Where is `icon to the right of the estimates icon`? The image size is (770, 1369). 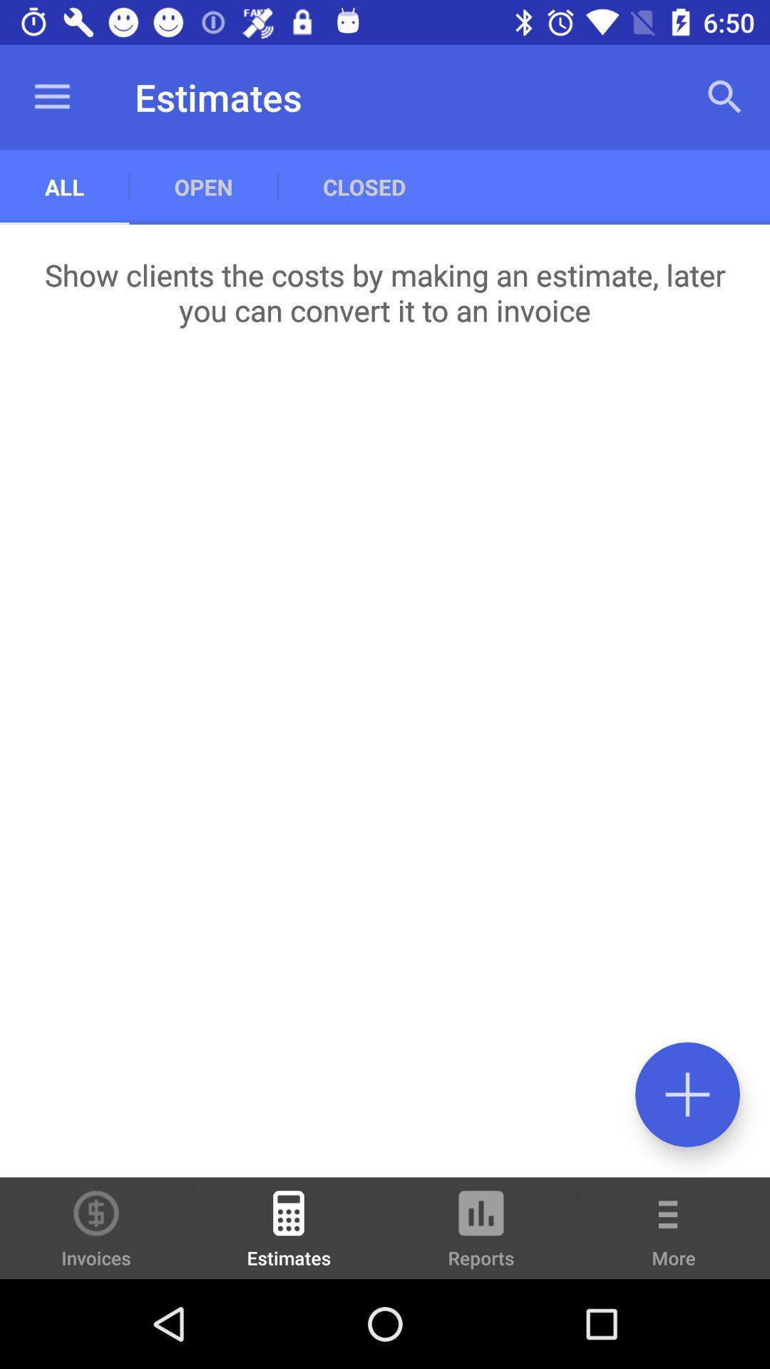 icon to the right of the estimates icon is located at coordinates (481, 1234).